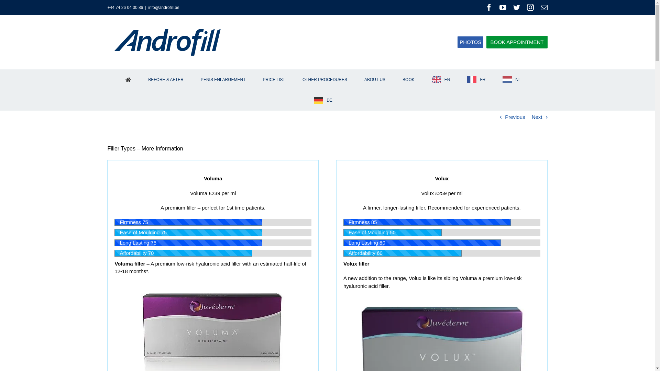 This screenshot has width=660, height=371. What do you see at coordinates (163, 8) in the screenshot?
I see `'info@androfill.be'` at bounding box center [163, 8].